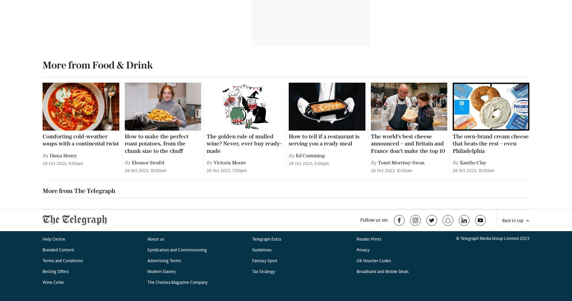 The height and width of the screenshot is (301, 572). Describe the element at coordinates (374, 38) in the screenshot. I see `'UK Voucher Codes'` at that location.